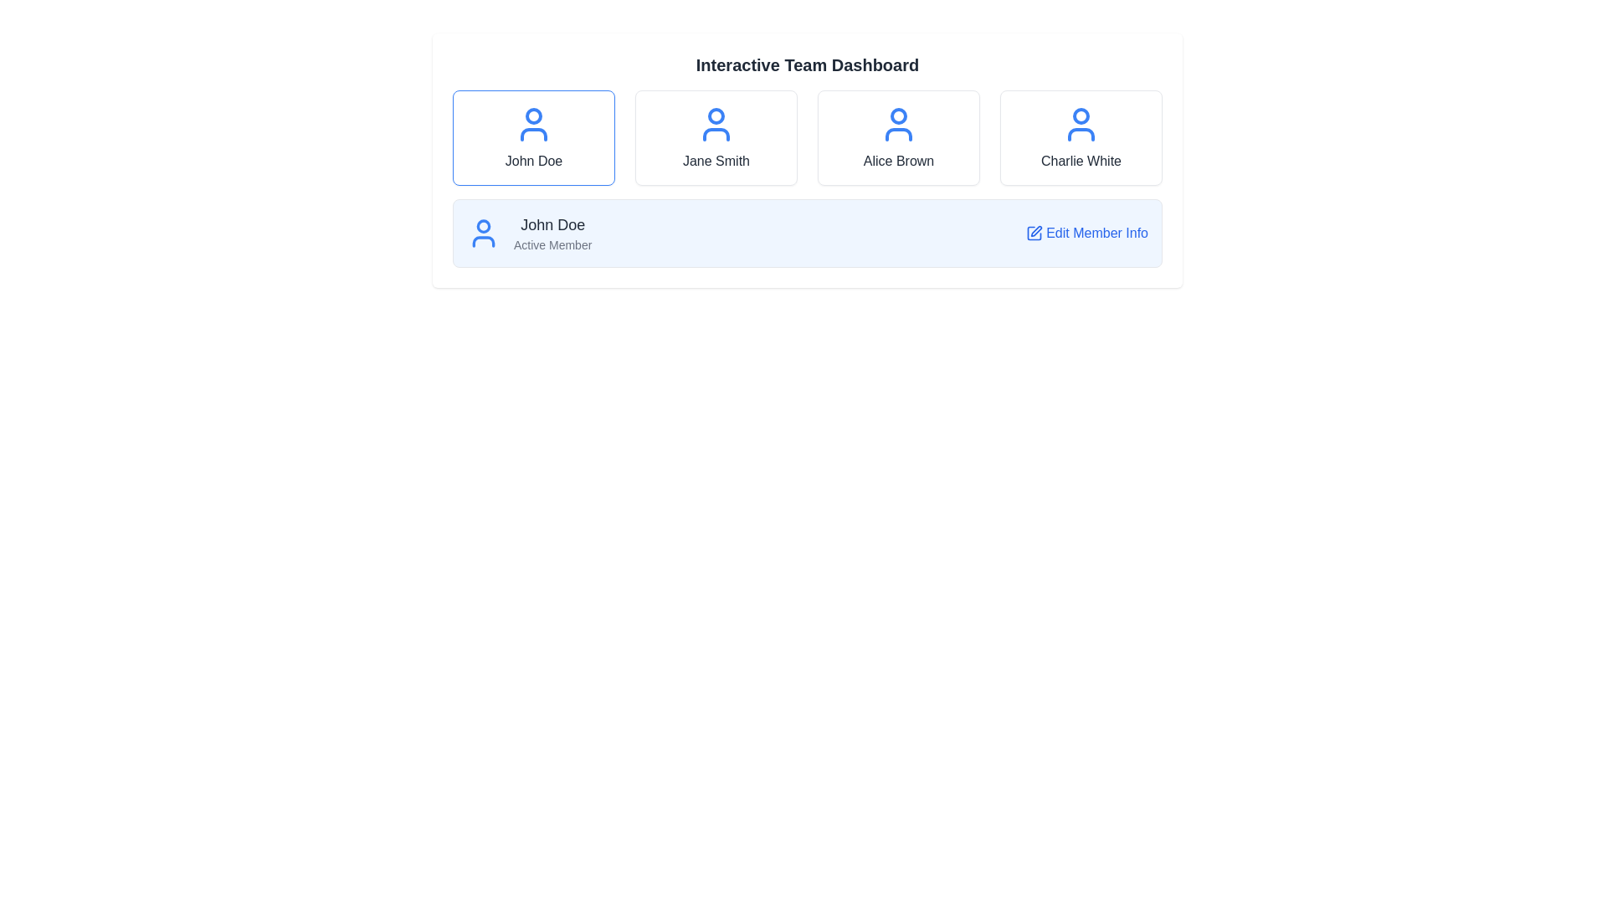 The width and height of the screenshot is (1607, 904). Describe the element at coordinates (482, 242) in the screenshot. I see `the shoulder area of the user icon representing 'John Doe', which is a stylized part of the icon in high-contrast blue` at that location.